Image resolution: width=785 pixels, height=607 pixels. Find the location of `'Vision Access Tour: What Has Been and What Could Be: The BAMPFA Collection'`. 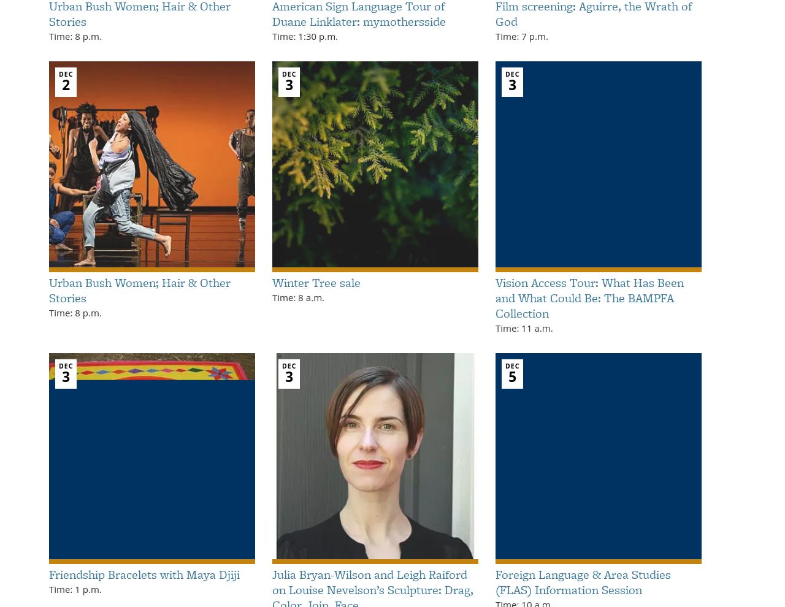

'Vision Access Tour: What Has Been and What Could Be: The BAMPFA Collection' is located at coordinates (589, 297).